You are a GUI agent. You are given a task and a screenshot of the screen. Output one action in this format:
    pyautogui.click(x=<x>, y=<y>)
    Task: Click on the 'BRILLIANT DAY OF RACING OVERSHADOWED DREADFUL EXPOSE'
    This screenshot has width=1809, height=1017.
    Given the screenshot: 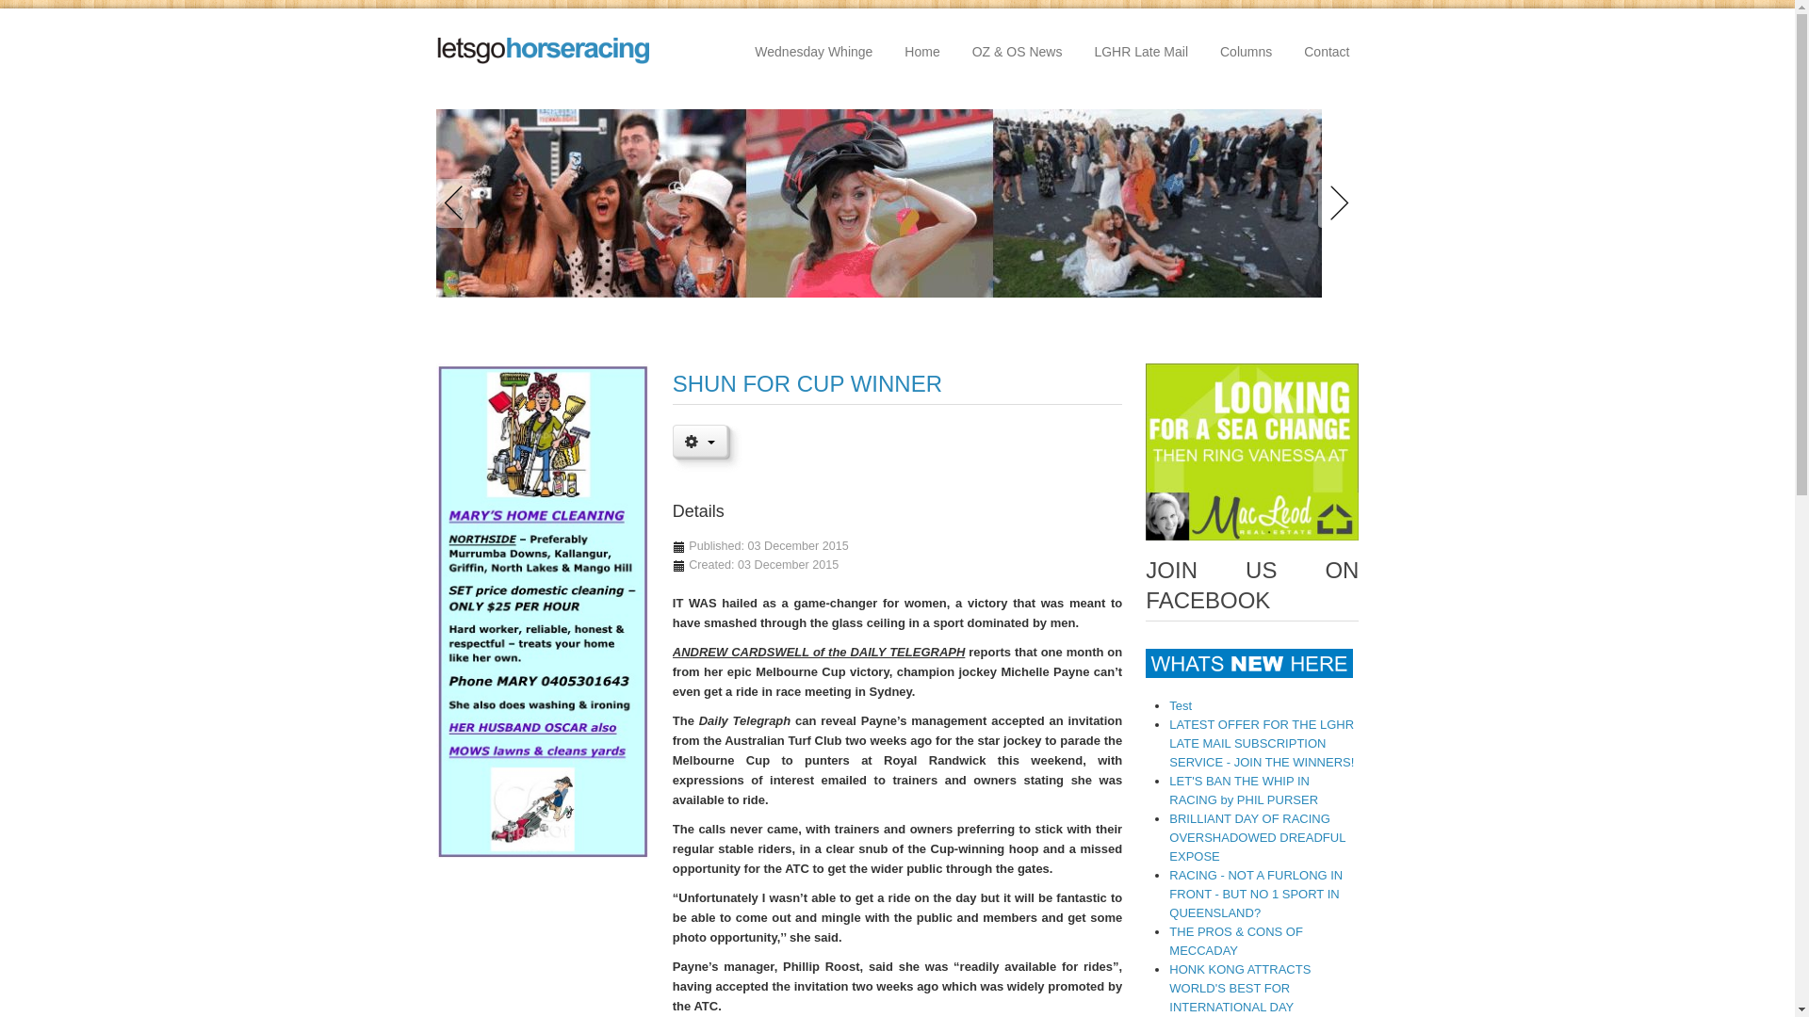 What is the action you would take?
    pyautogui.click(x=1257, y=836)
    